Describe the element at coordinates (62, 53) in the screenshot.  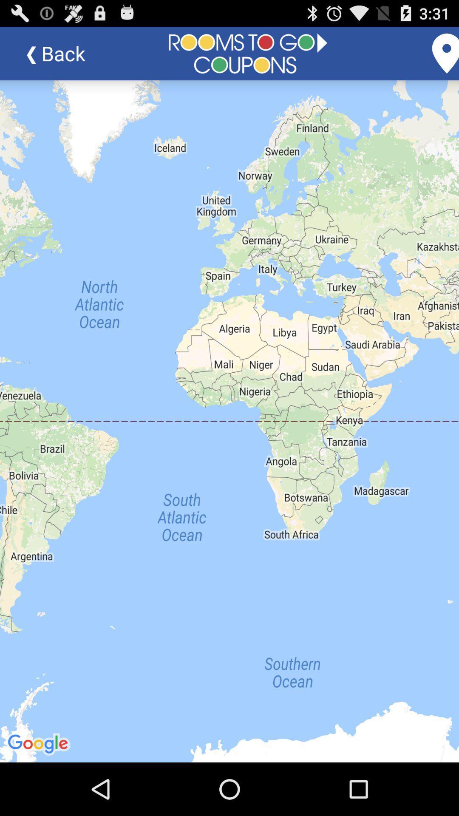
I see `the button at the top left corner` at that location.